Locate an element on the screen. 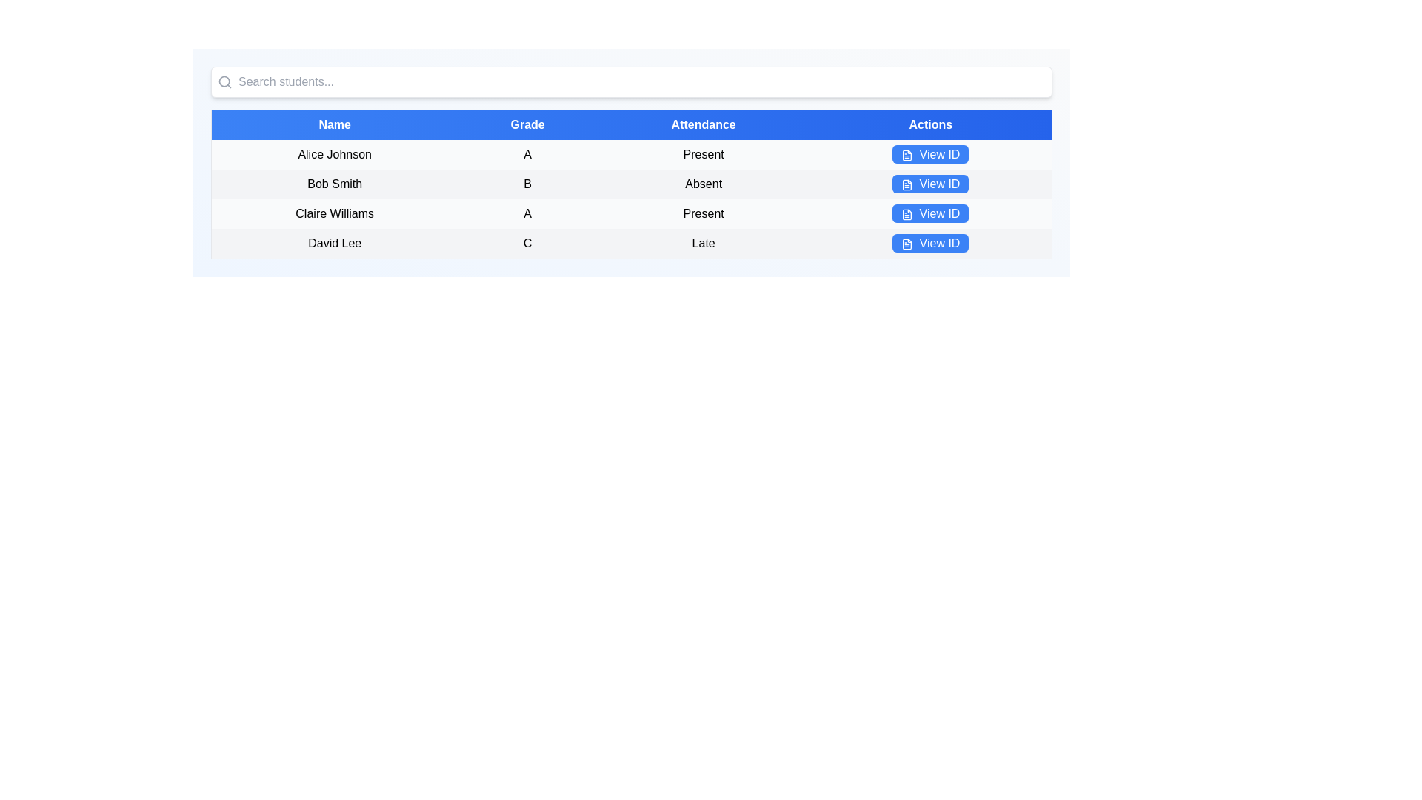 This screenshot has width=1422, height=800. the 'View ID' button with a file icon, located in the fourth column under the 'Actions' heading for the row with 'Absent' attendance status for 'Bob Smith' is located at coordinates (930, 184).